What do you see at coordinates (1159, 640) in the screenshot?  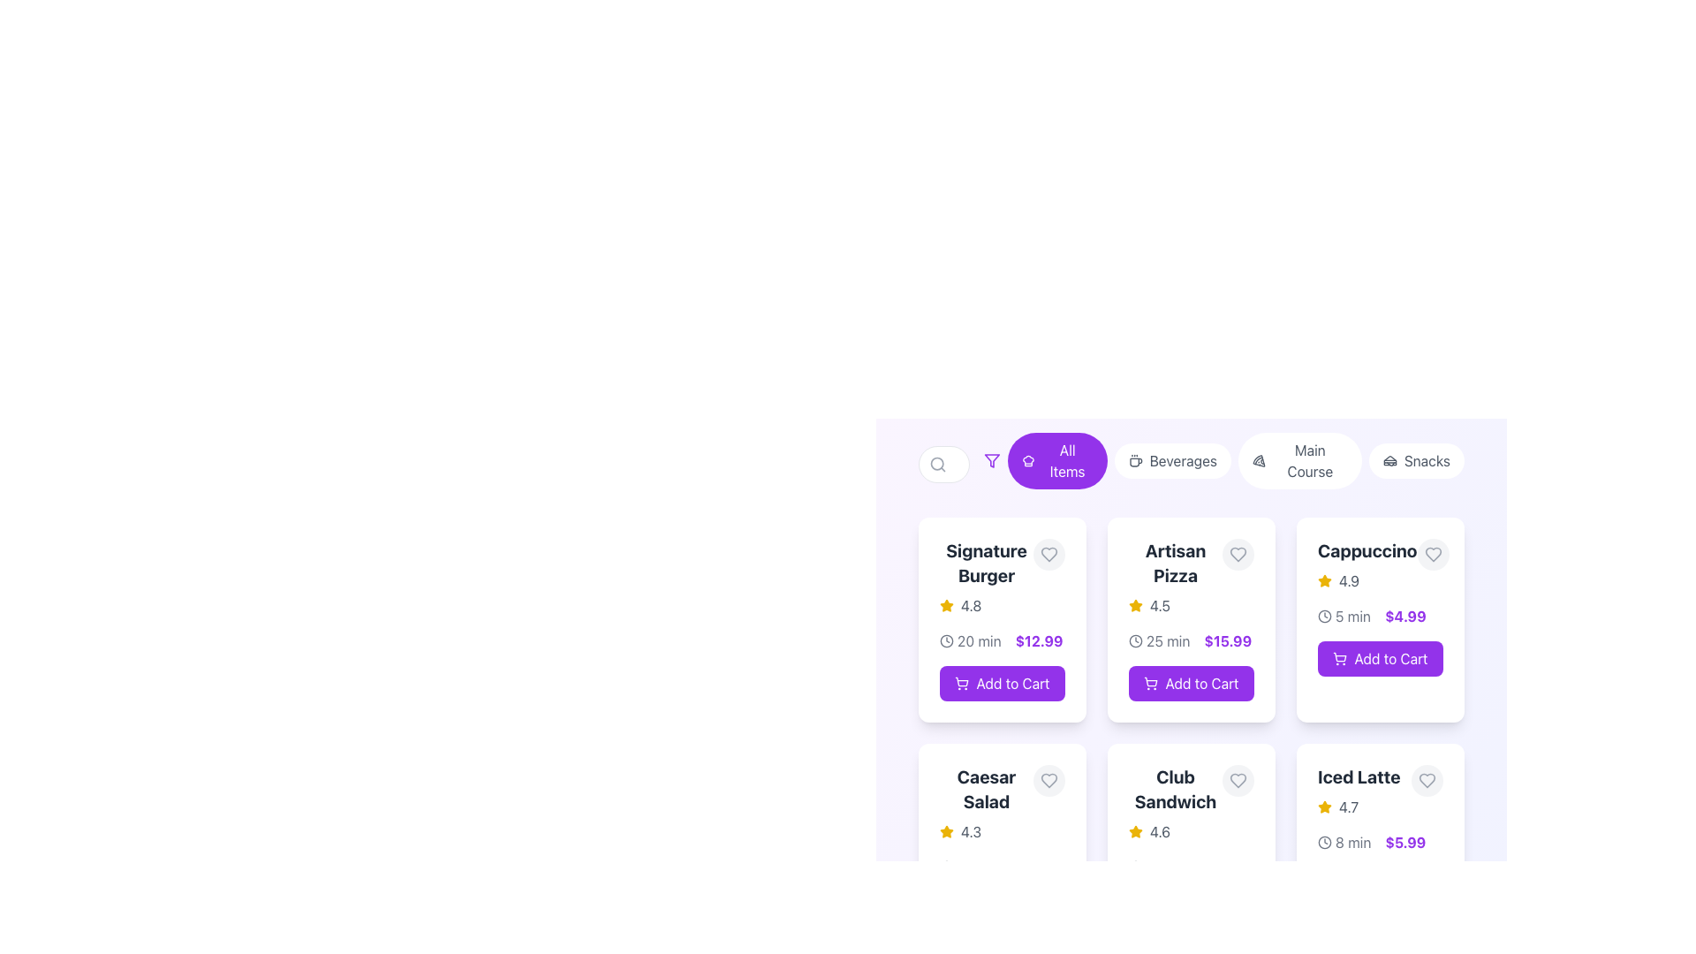 I see `the Time indicator label which consists of a clock icon and the text '25 min', located to the left of the price '$15.99'` at bounding box center [1159, 640].